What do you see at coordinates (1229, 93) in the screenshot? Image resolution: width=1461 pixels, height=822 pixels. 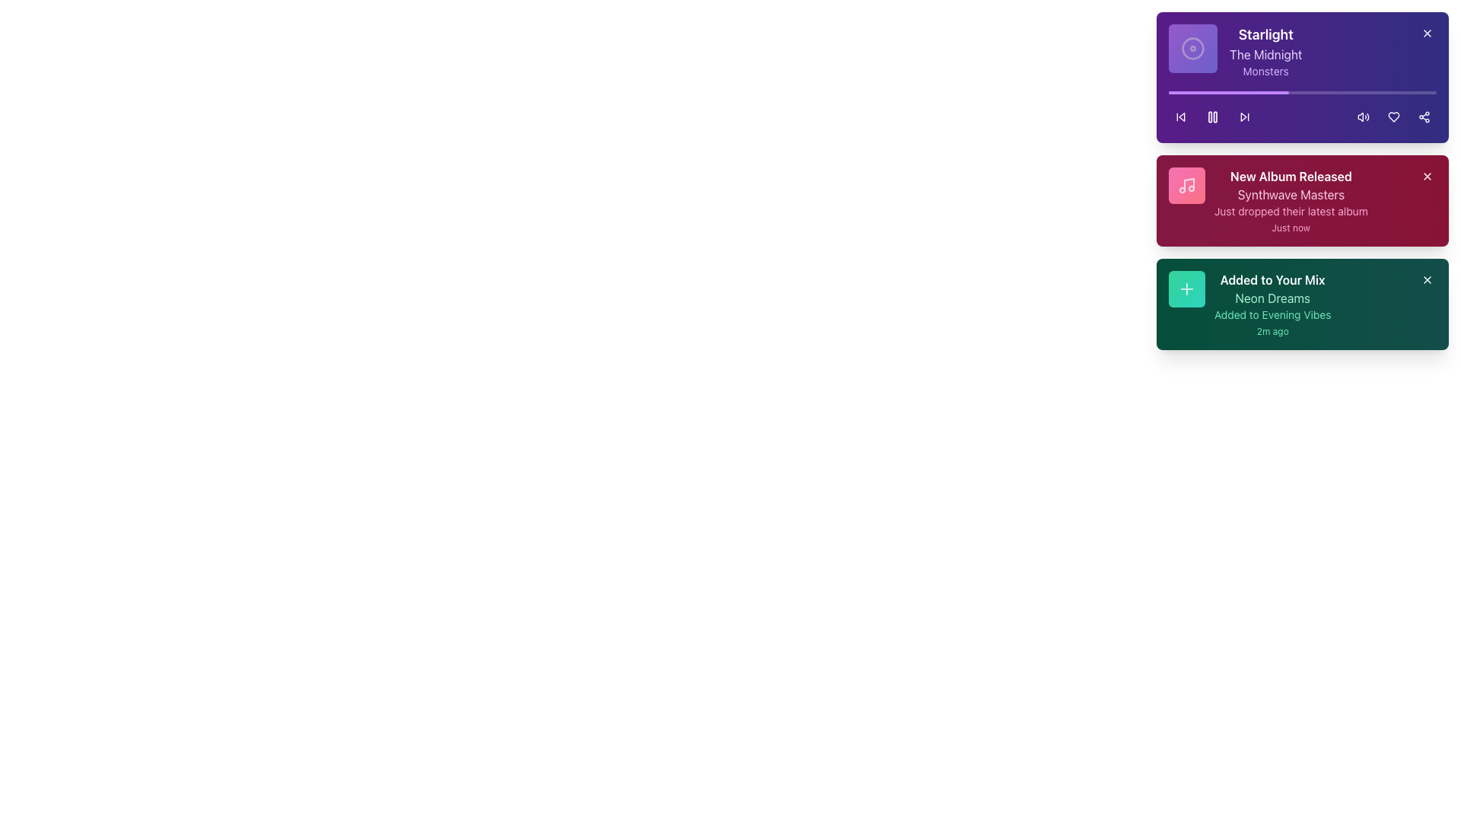 I see `the progress bar located in the top card of the three stacked cards on the right side of the interface, just under the title 'Starlight' and above the playback controls` at bounding box center [1229, 93].